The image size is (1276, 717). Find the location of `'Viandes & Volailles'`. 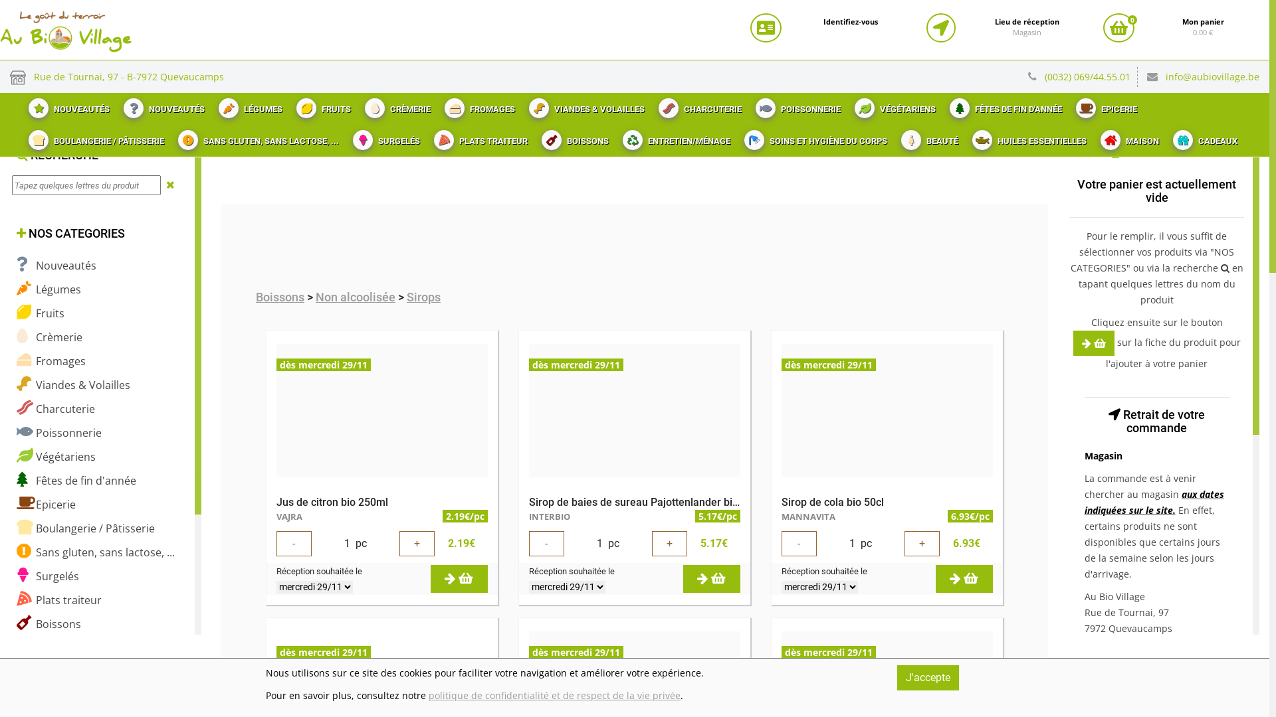

'Viandes & Volailles' is located at coordinates (72, 384).